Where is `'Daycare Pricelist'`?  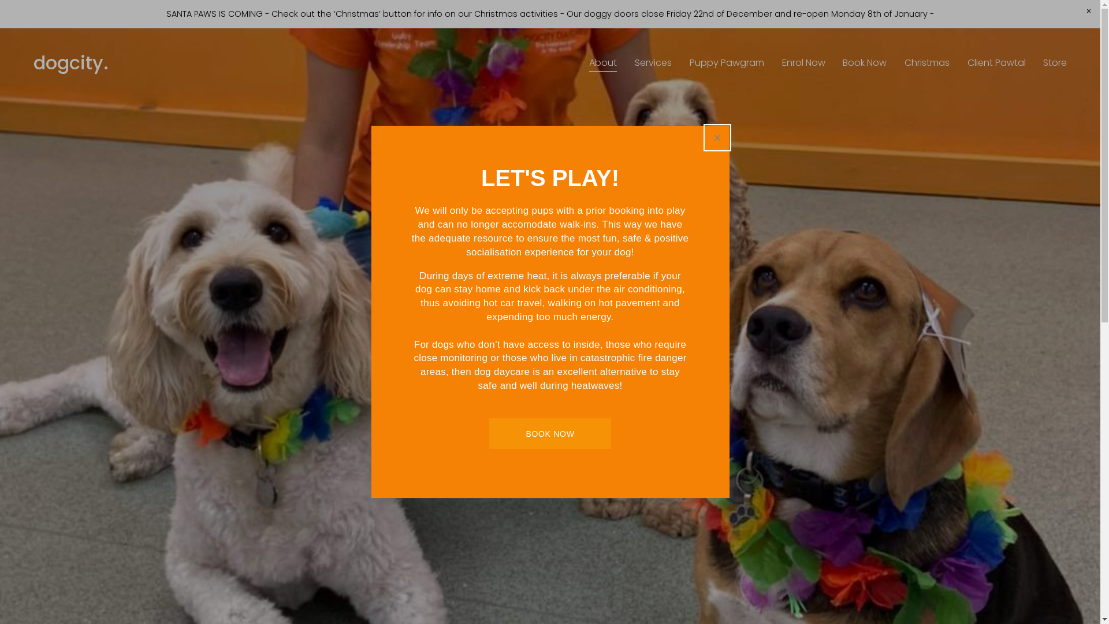 'Daycare Pricelist' is located at coordinates (477, 414).